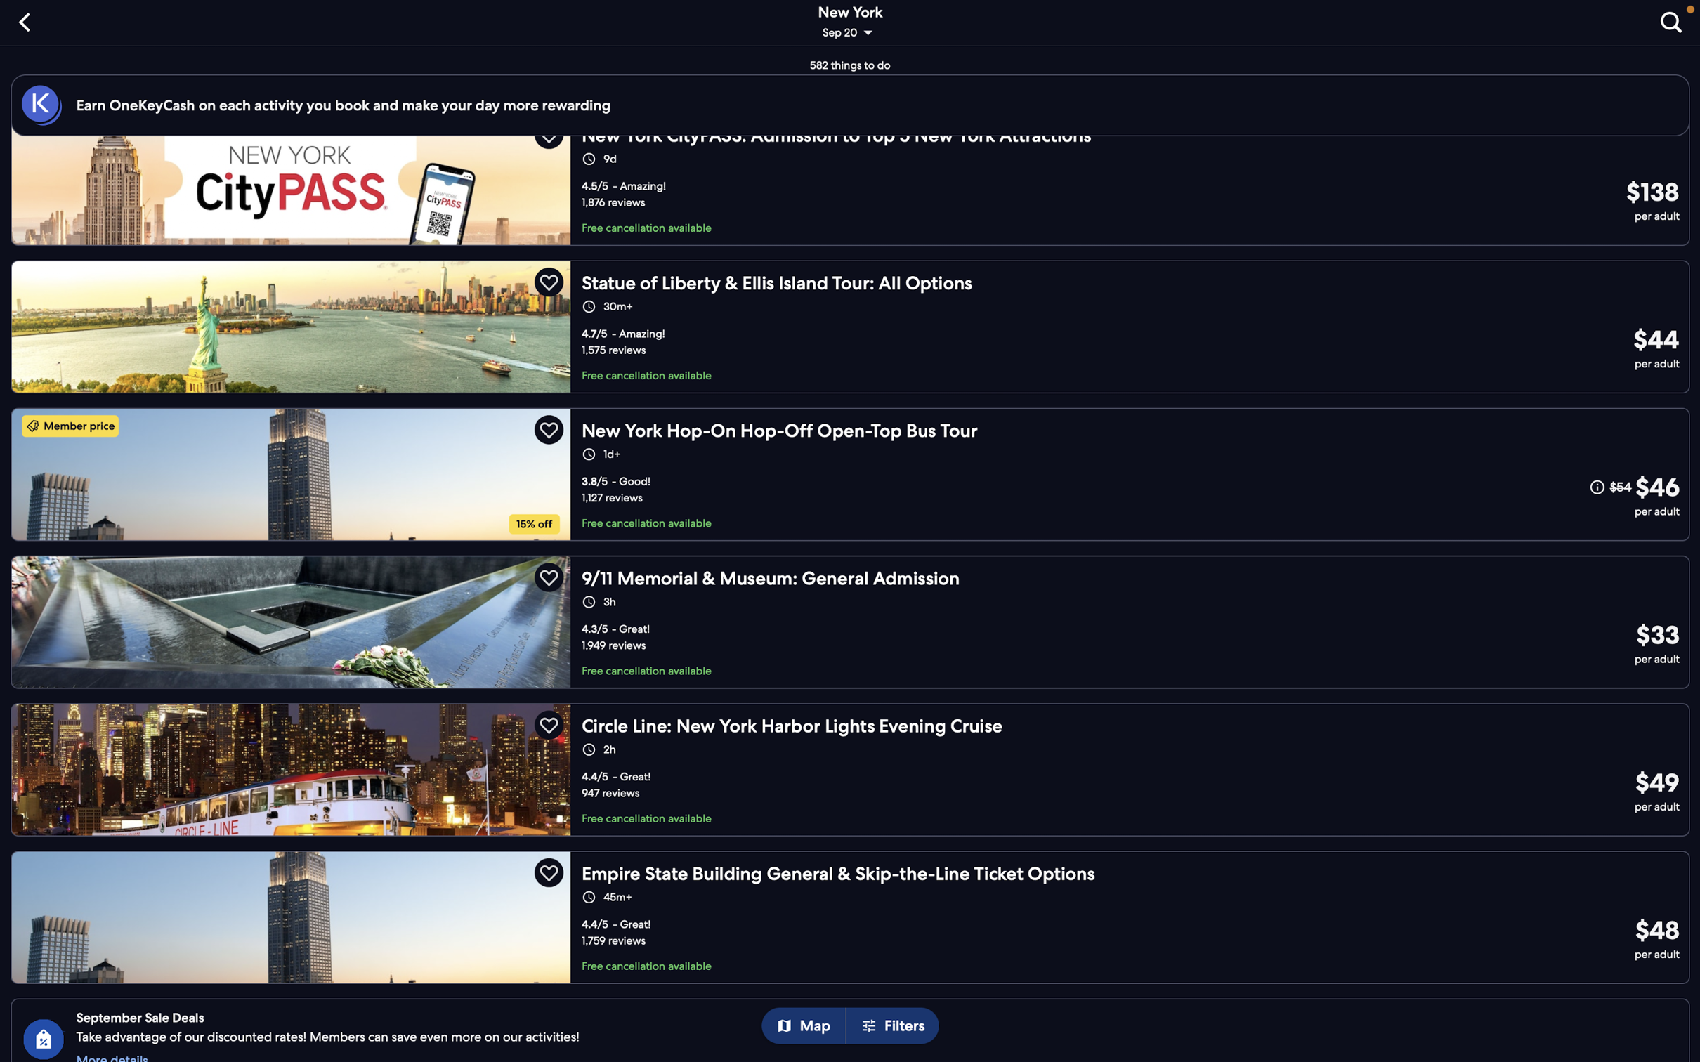  Describe the element at coordinates (851, 324) in the screenshot. I see `"statue of liberty tour" in your sightseeing list` at that location.